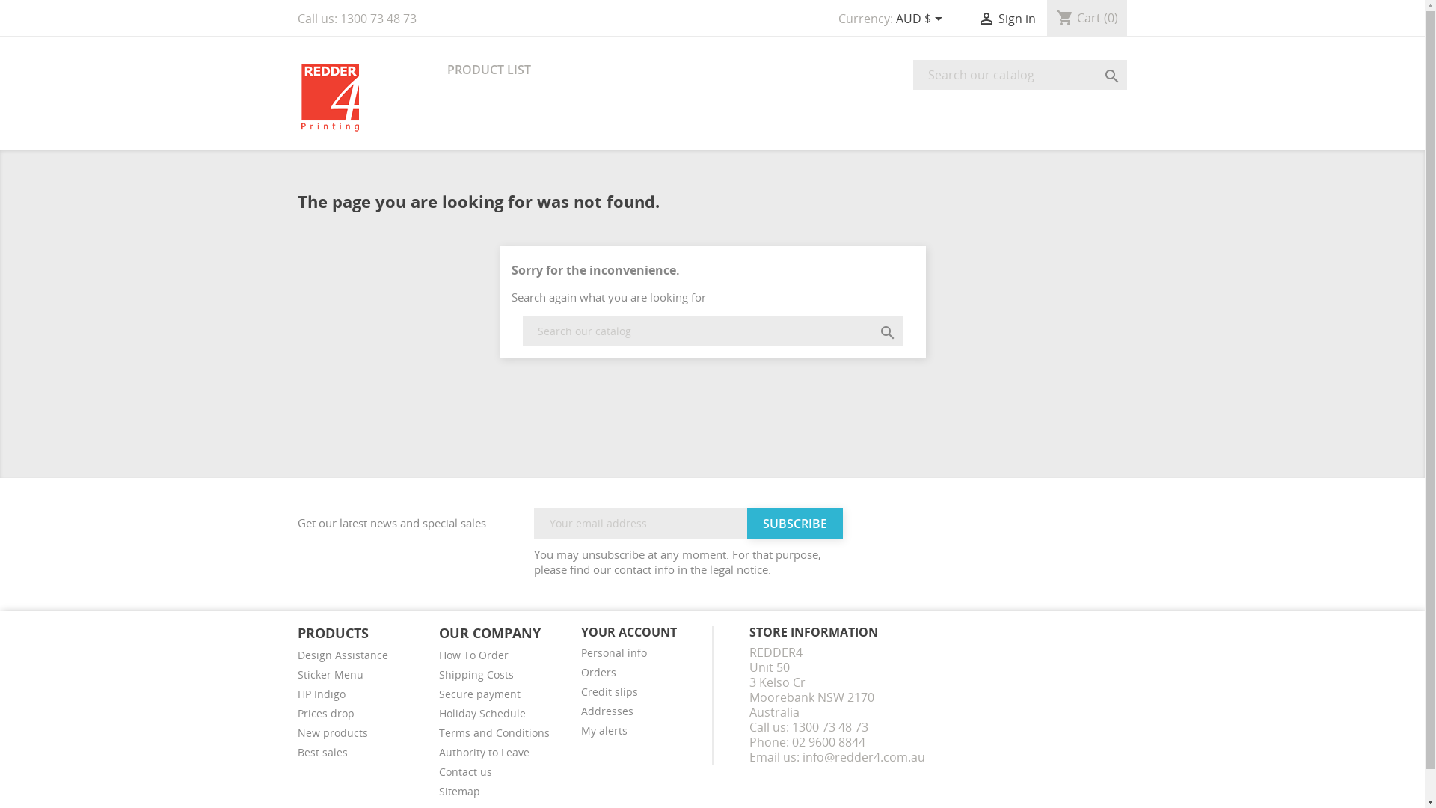  What do you see at coordinates (628, 631) in the screenshot?
I see `'YOUR ACCOUNT'` at bounding box center [628, 631].